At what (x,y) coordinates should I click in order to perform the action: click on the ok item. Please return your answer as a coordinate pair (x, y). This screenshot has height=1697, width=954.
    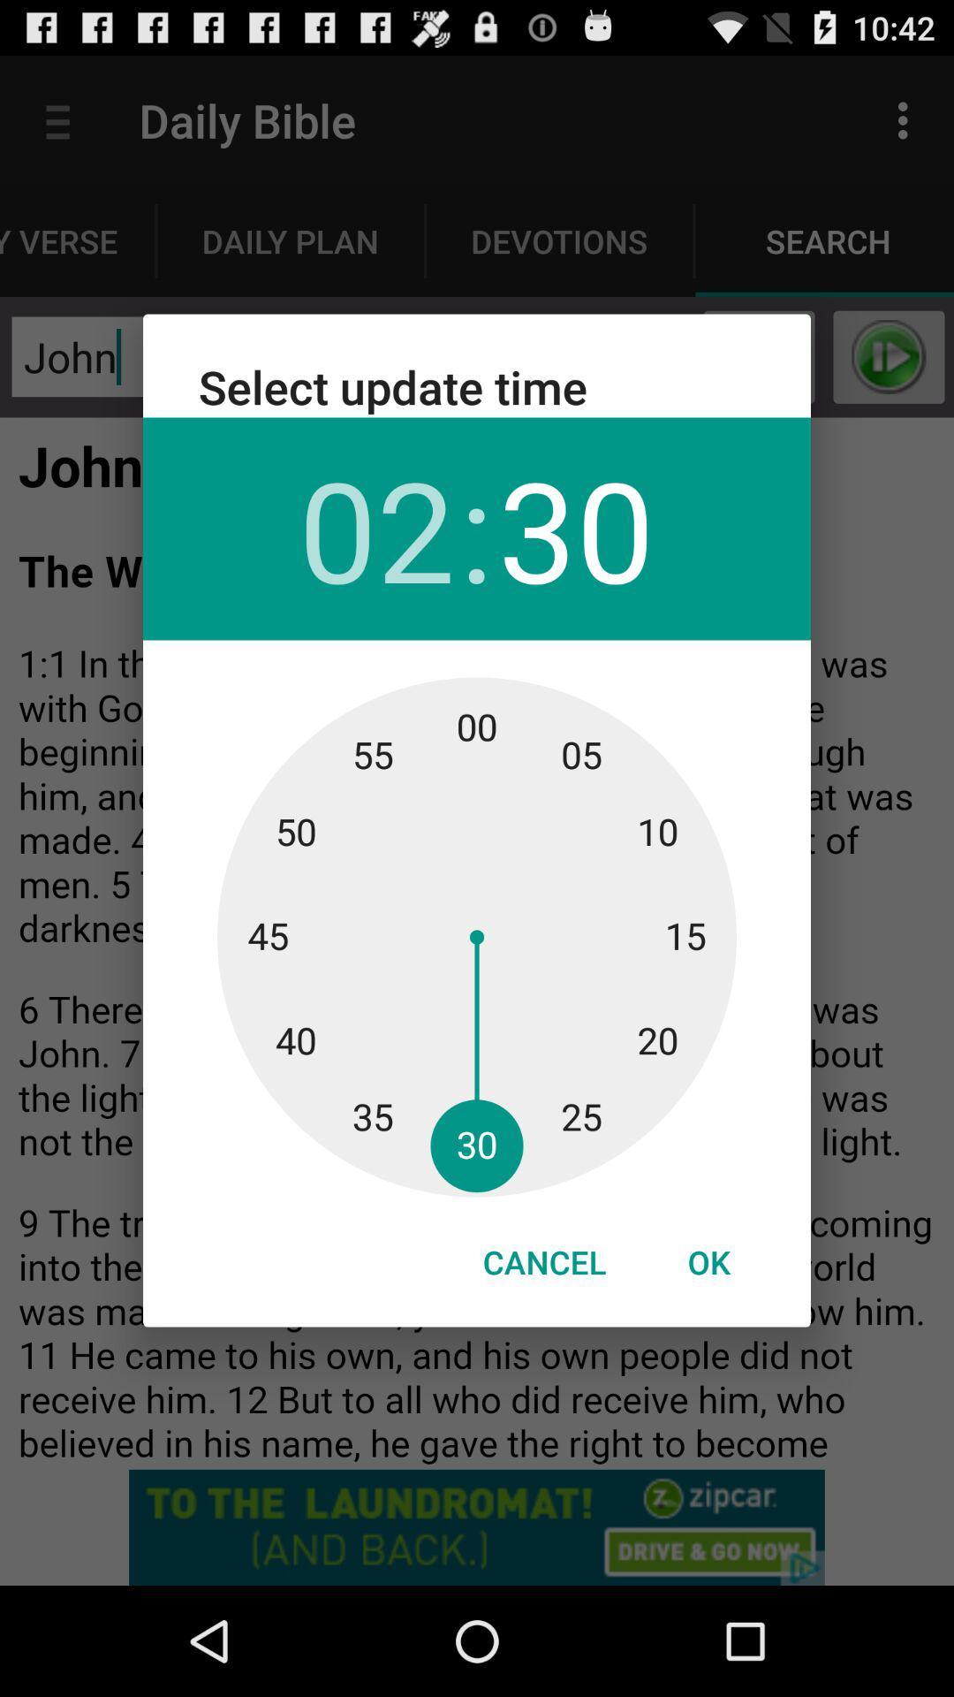
    Looking at the image, I should click on (708, 1261).